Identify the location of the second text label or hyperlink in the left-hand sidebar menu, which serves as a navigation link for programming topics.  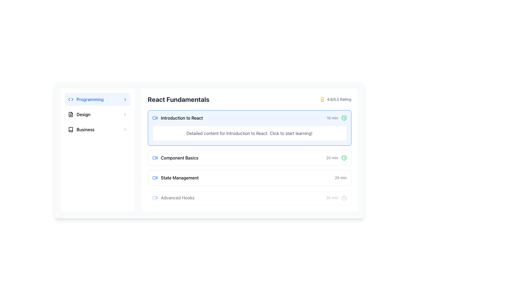
(90, 99).